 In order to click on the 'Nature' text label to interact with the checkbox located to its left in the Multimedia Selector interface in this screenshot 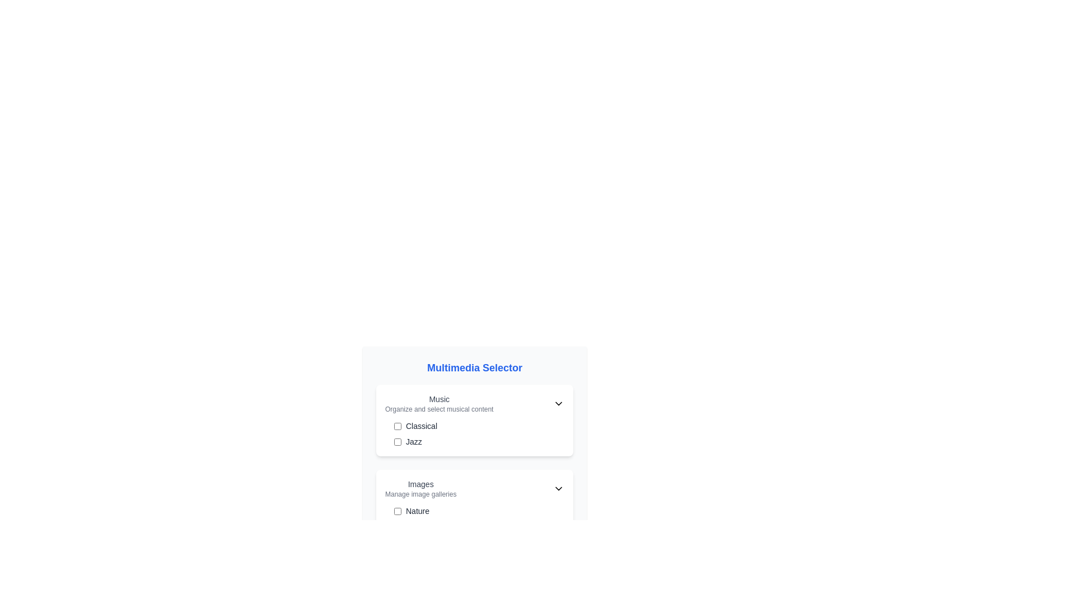, I will do `click(417, 511)`.